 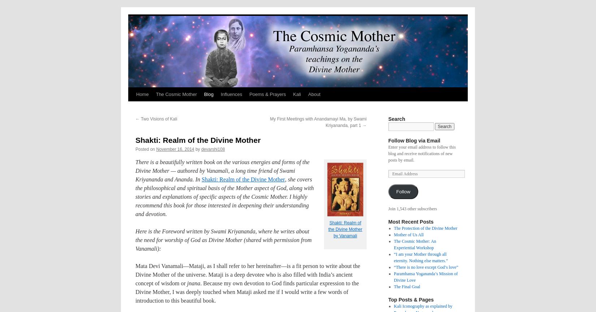 What do you see at coordinates (426, 277) in the screenshot?
I see `'Paramhansa Yogananda’s Mission of Divine Love'` at bounding box center [426, 277].